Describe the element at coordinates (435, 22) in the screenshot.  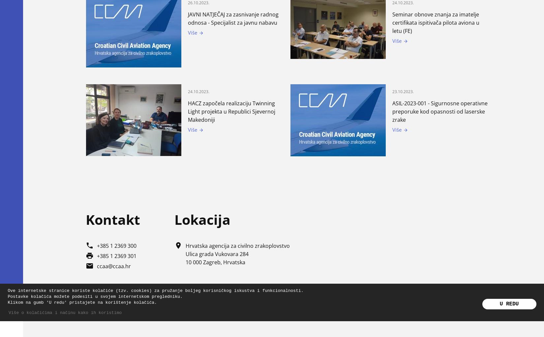
I see `'Seminar obnove znanja za imatelje certifikata ispitivača pilota aviona u letu (FE)'` at that location.